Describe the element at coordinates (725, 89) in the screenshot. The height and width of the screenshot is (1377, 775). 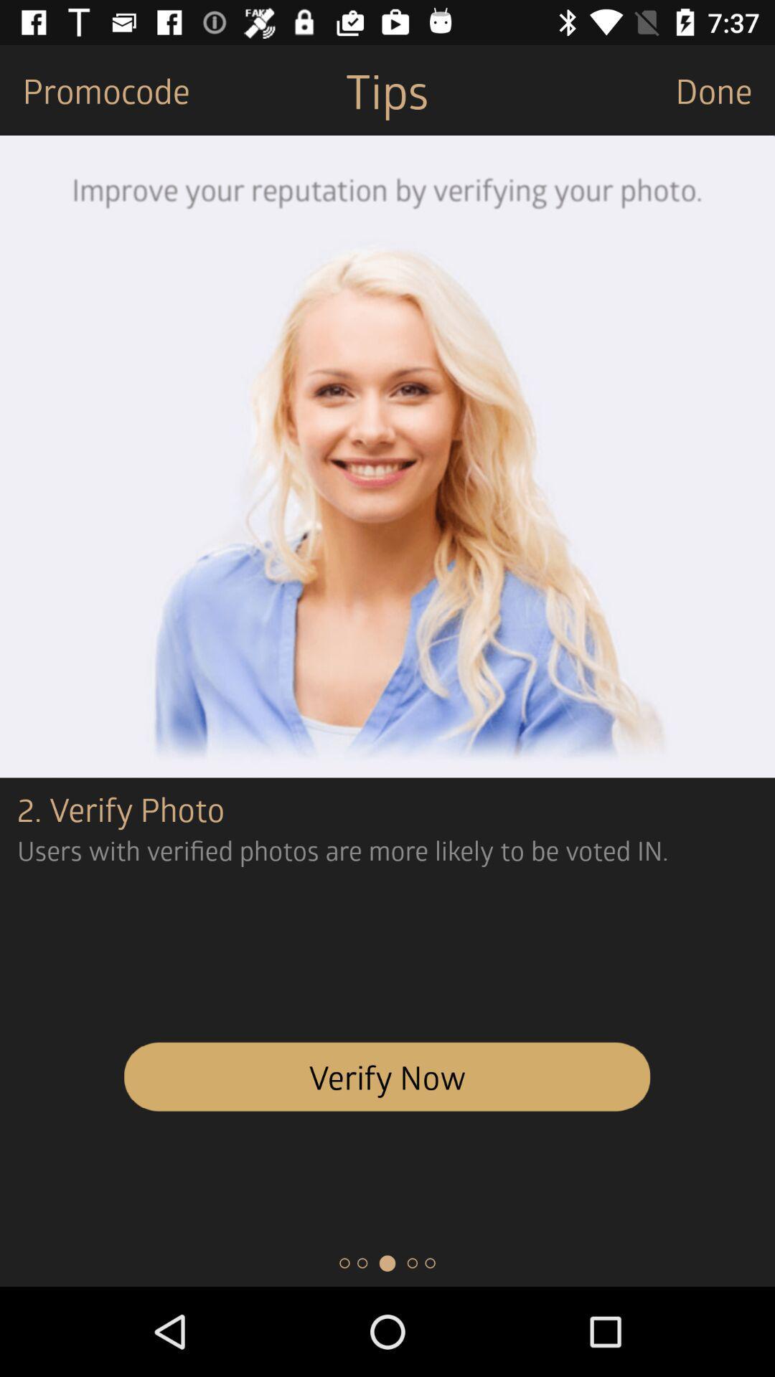
I see `item at the top right corner` at that location.